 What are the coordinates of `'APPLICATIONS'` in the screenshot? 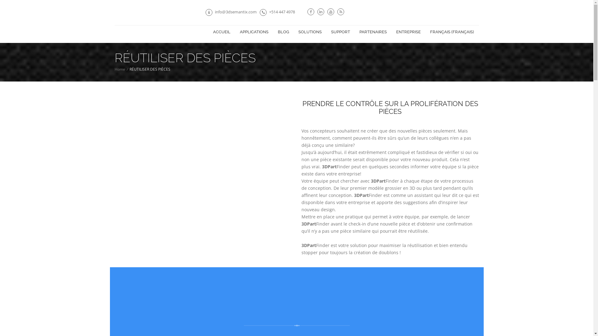 It's located at (254, 32).